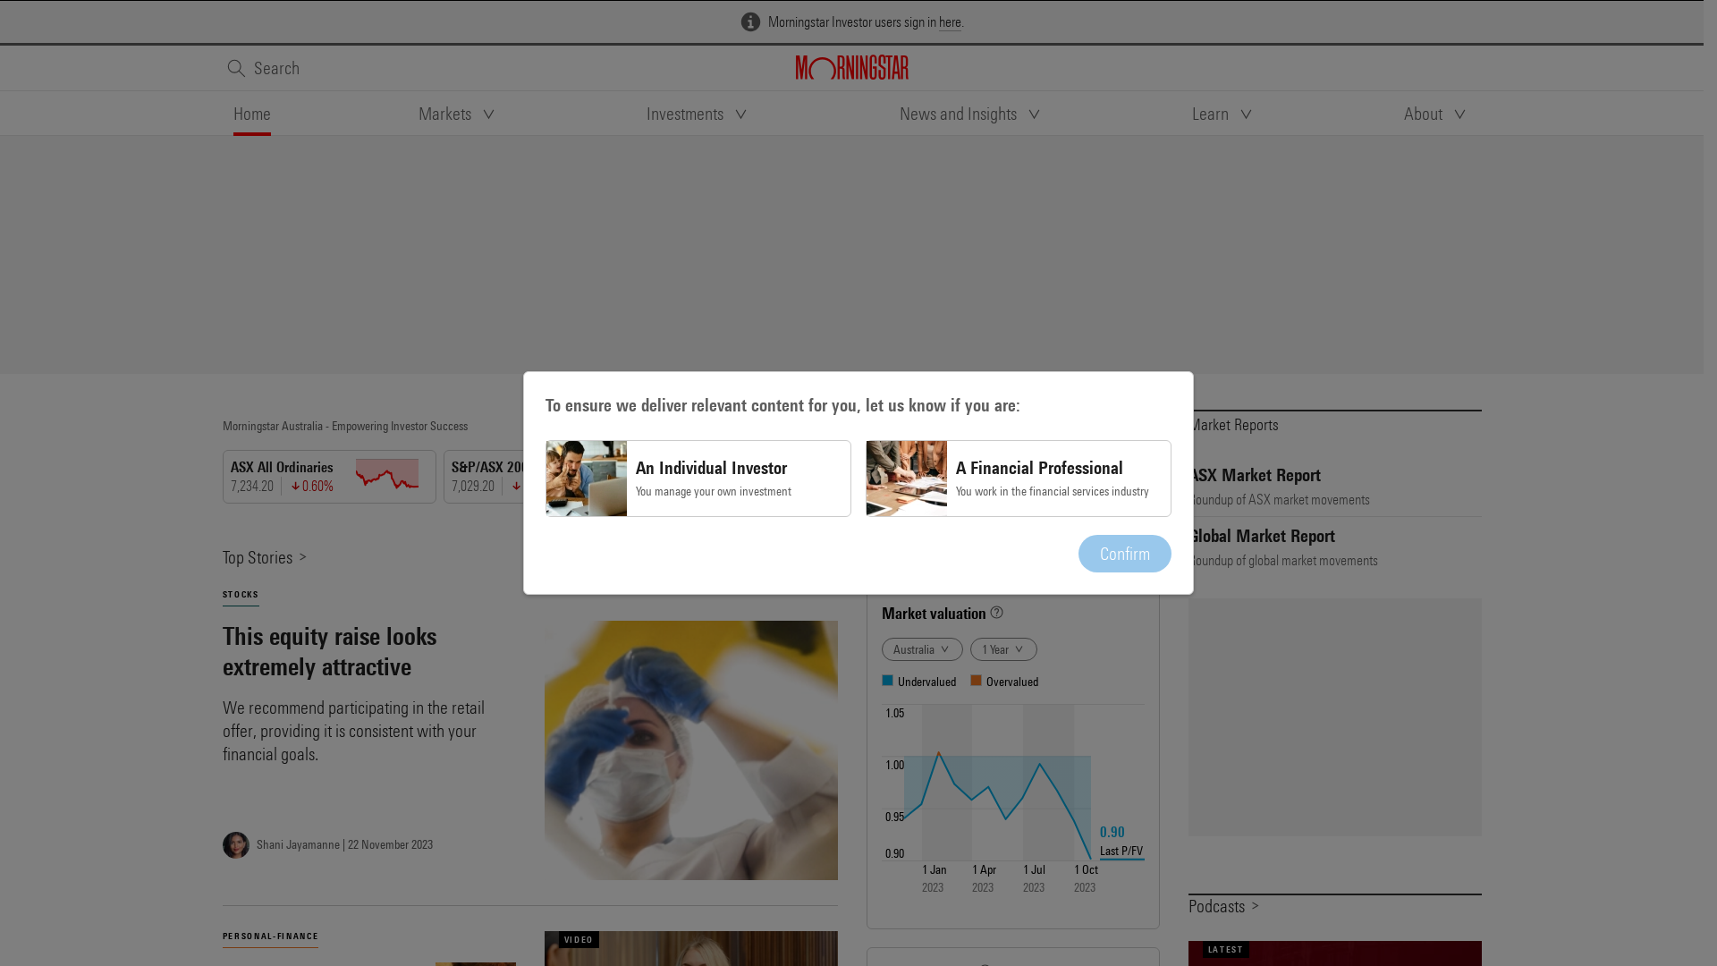  Describe the element at coordinates (1192, 114) in the screenshot. I see `'Learn'` at that location.